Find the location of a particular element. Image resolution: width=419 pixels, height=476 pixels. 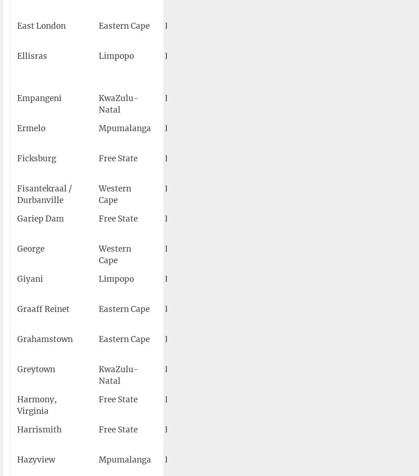

'FAHR' is located at coordinates (176, 429).